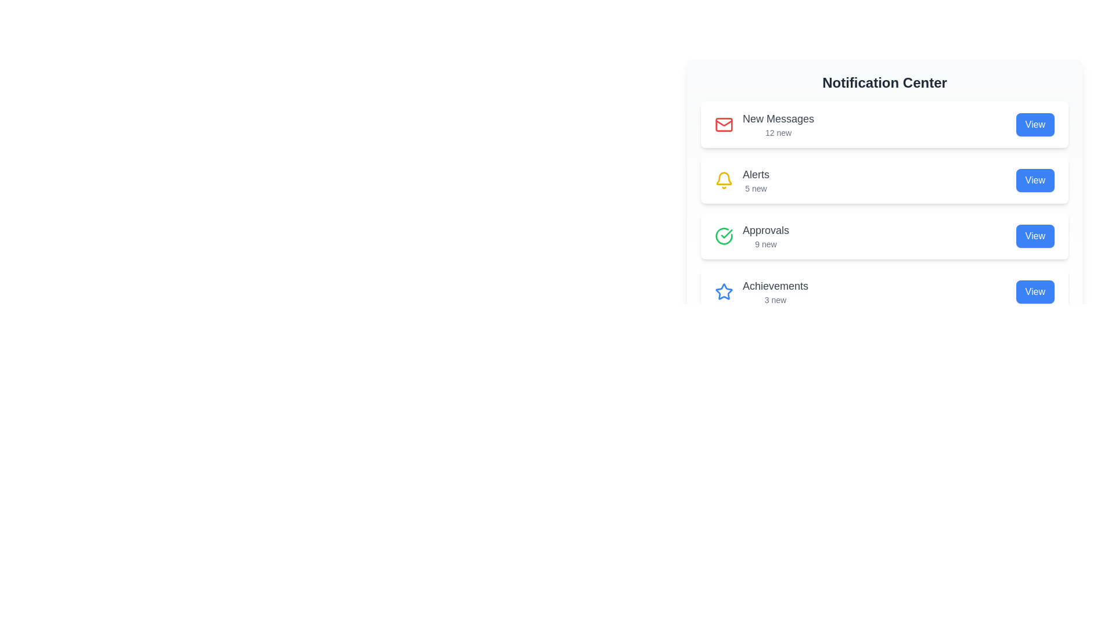  I want to click on the representation of the bell icon located in the 'Alerts' row of the 'Notification Center', which has a yellow fill and black outlines, so click(724, 181).